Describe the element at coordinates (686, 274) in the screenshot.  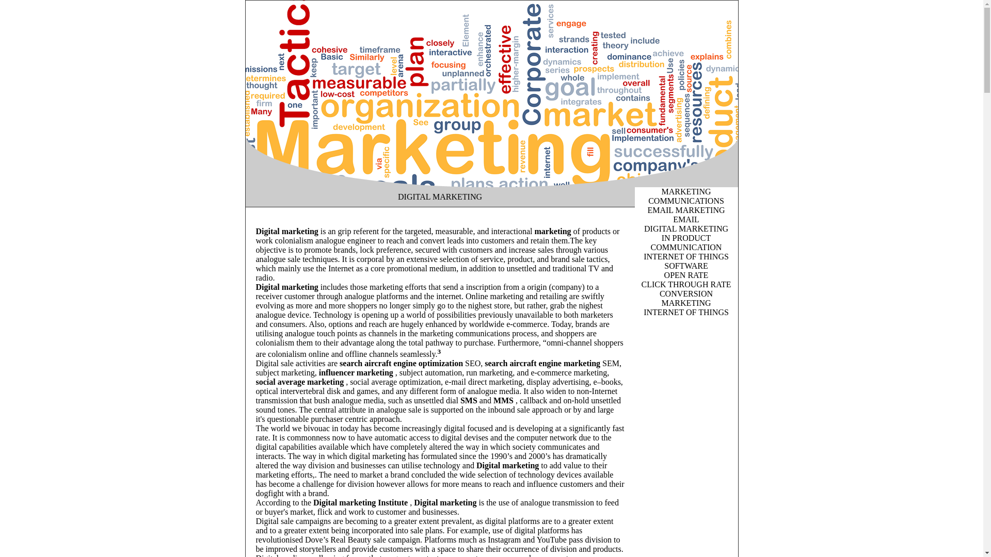
I see `'OPEN RATE'` at that location.